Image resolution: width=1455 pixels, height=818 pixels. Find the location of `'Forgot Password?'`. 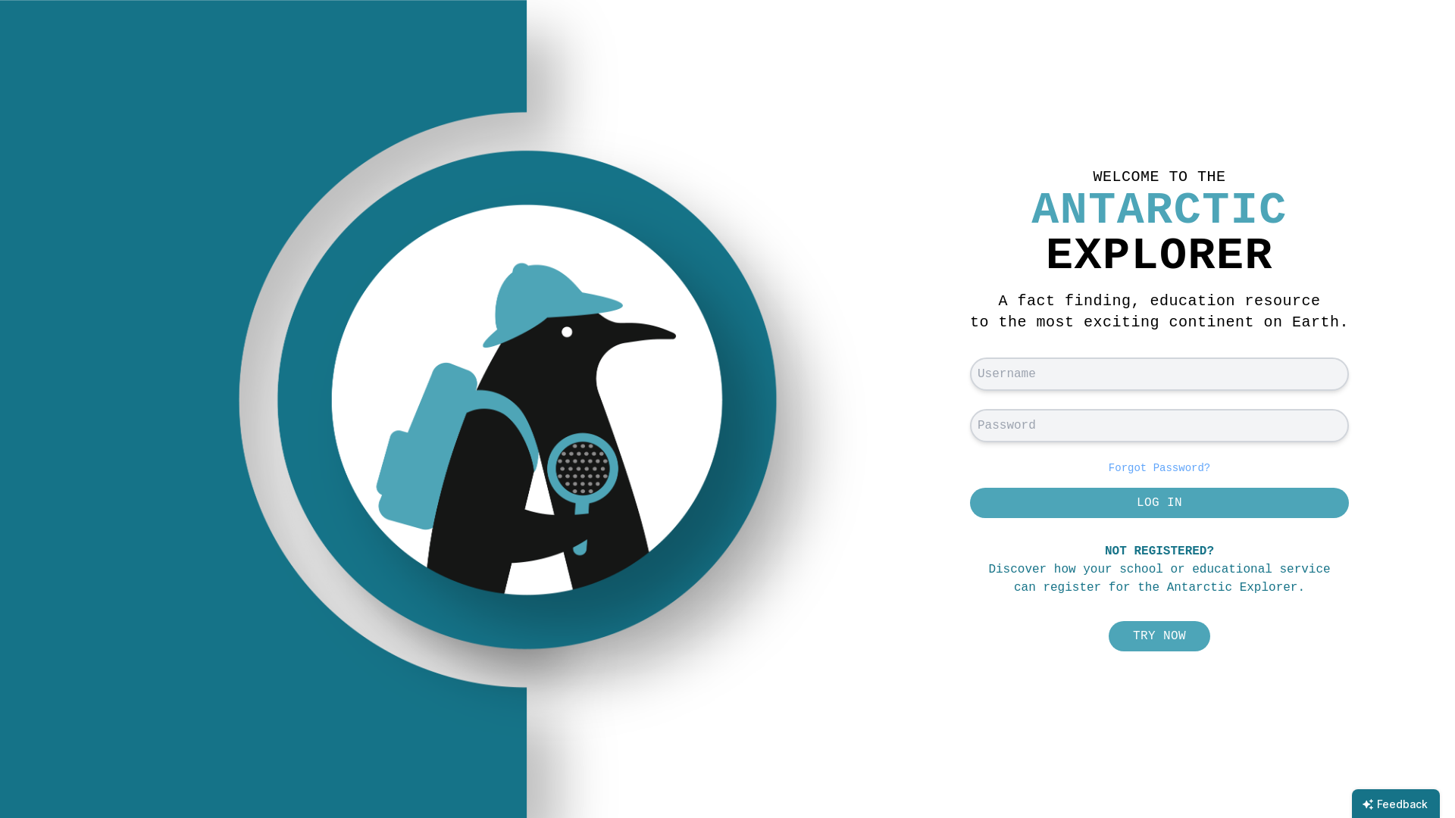

'Forgot Password?' is located at coordinates (1159, 467).